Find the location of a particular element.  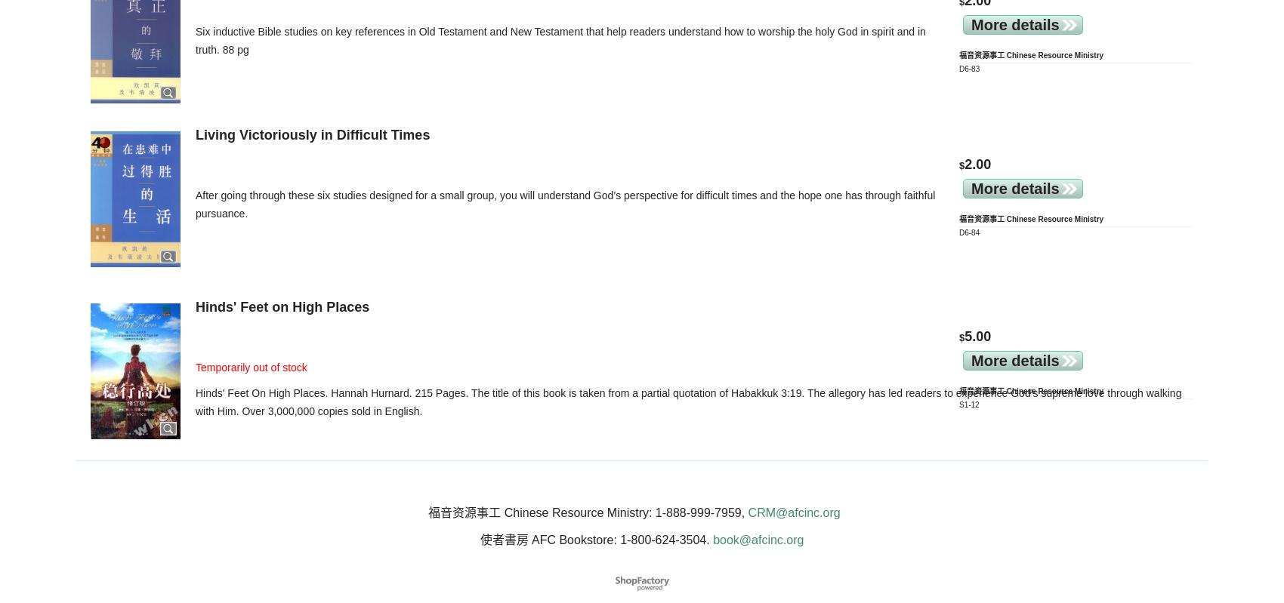

'5.00' is located at coordinates (977, 335).